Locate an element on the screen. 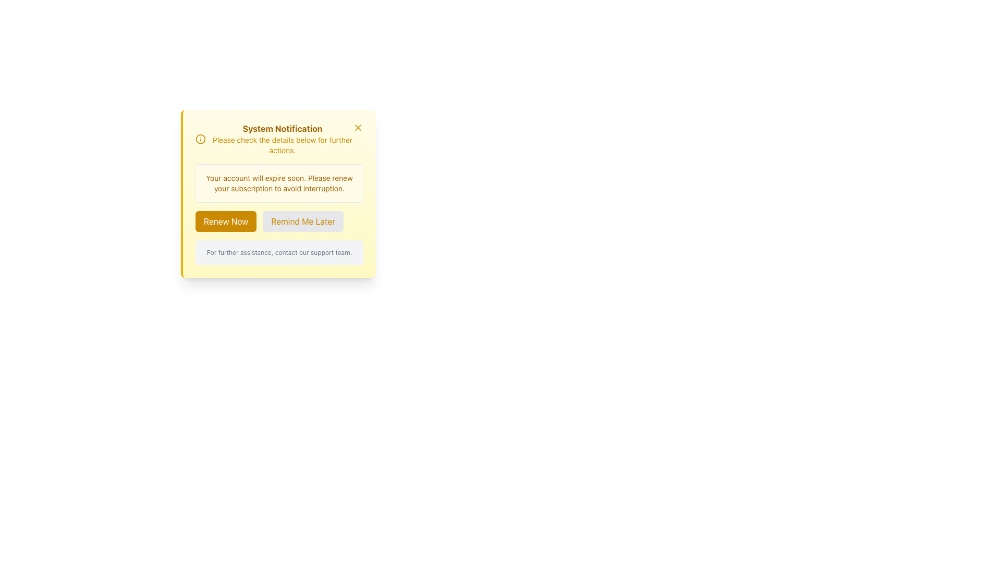 The width and height of the screenshot is (1001, 563). the 'Remind Me Later' button located to the right of the 'Renew Now' button in the notification panel is located at coordinates (302, 221).